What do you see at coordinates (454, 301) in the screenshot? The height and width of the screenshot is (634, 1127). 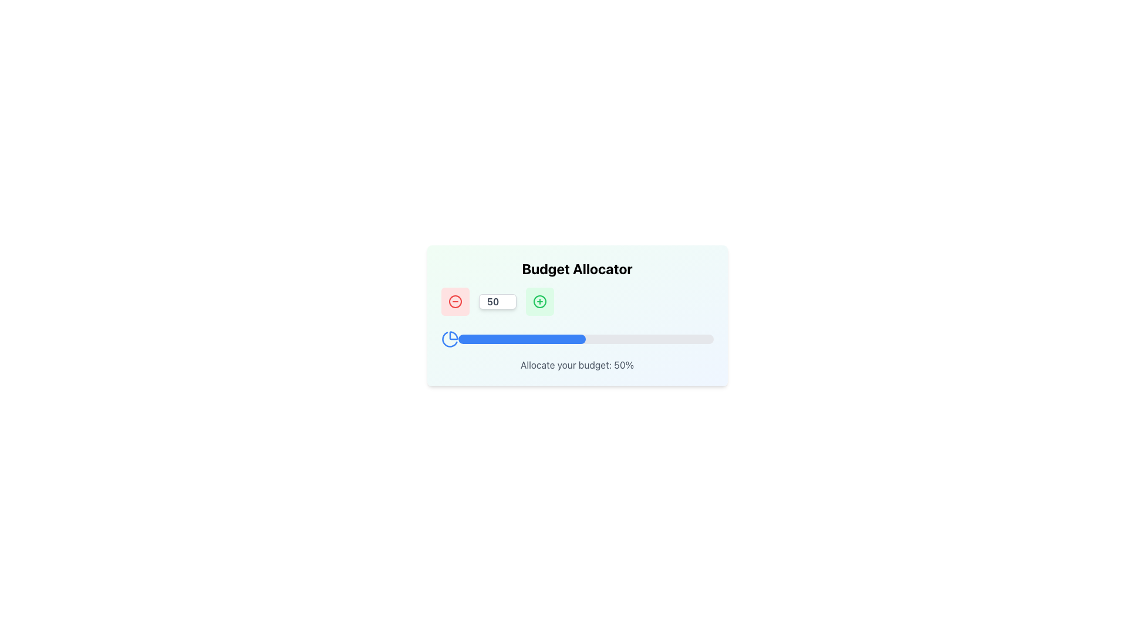 I see `the red circular minus button located on the left side of the 'Budget Allocator' interface` at bounding box center [454, 301].